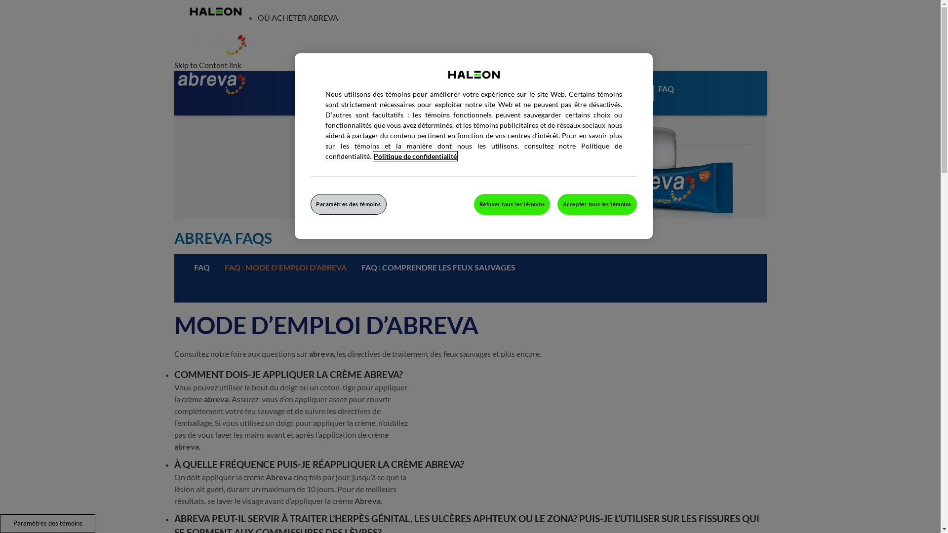  What do you see at coordinates (745, 136) in the screenshot?
I see `'Recherche'` at bounding box center [745, 136].